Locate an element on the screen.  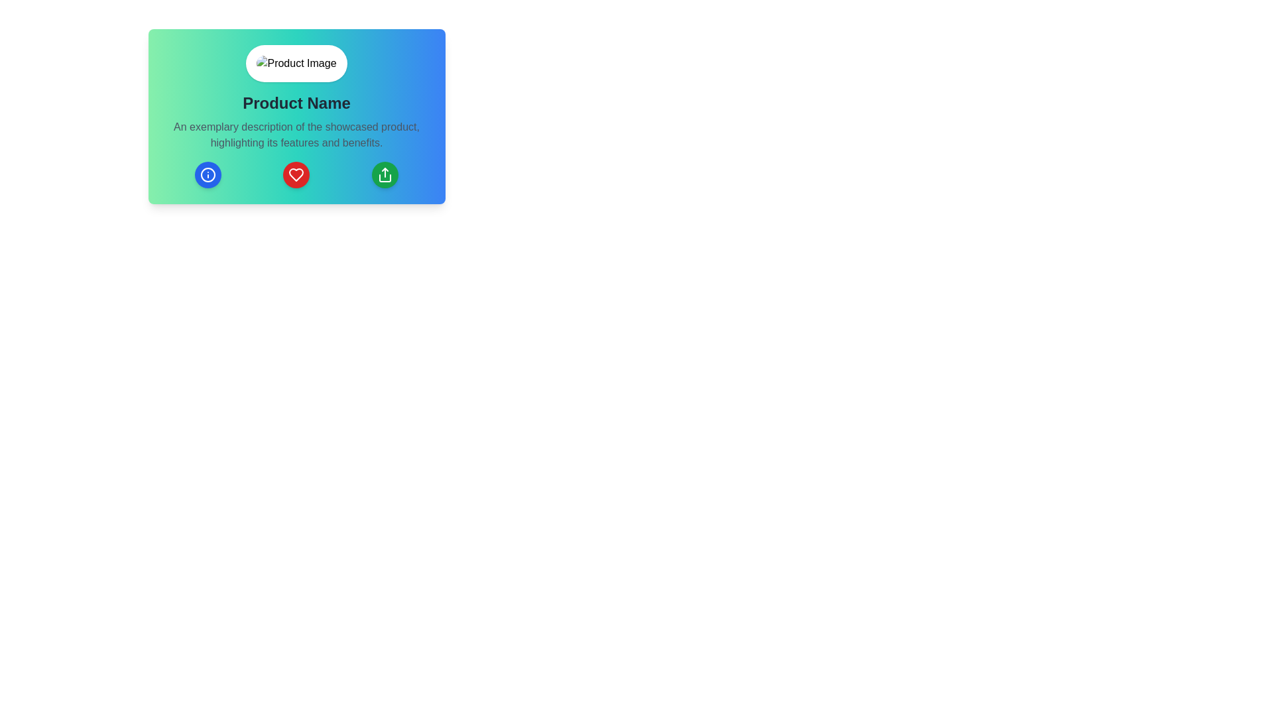
the information icon located in the bottom left quadrant of the card is located at coordinates (207, 174).